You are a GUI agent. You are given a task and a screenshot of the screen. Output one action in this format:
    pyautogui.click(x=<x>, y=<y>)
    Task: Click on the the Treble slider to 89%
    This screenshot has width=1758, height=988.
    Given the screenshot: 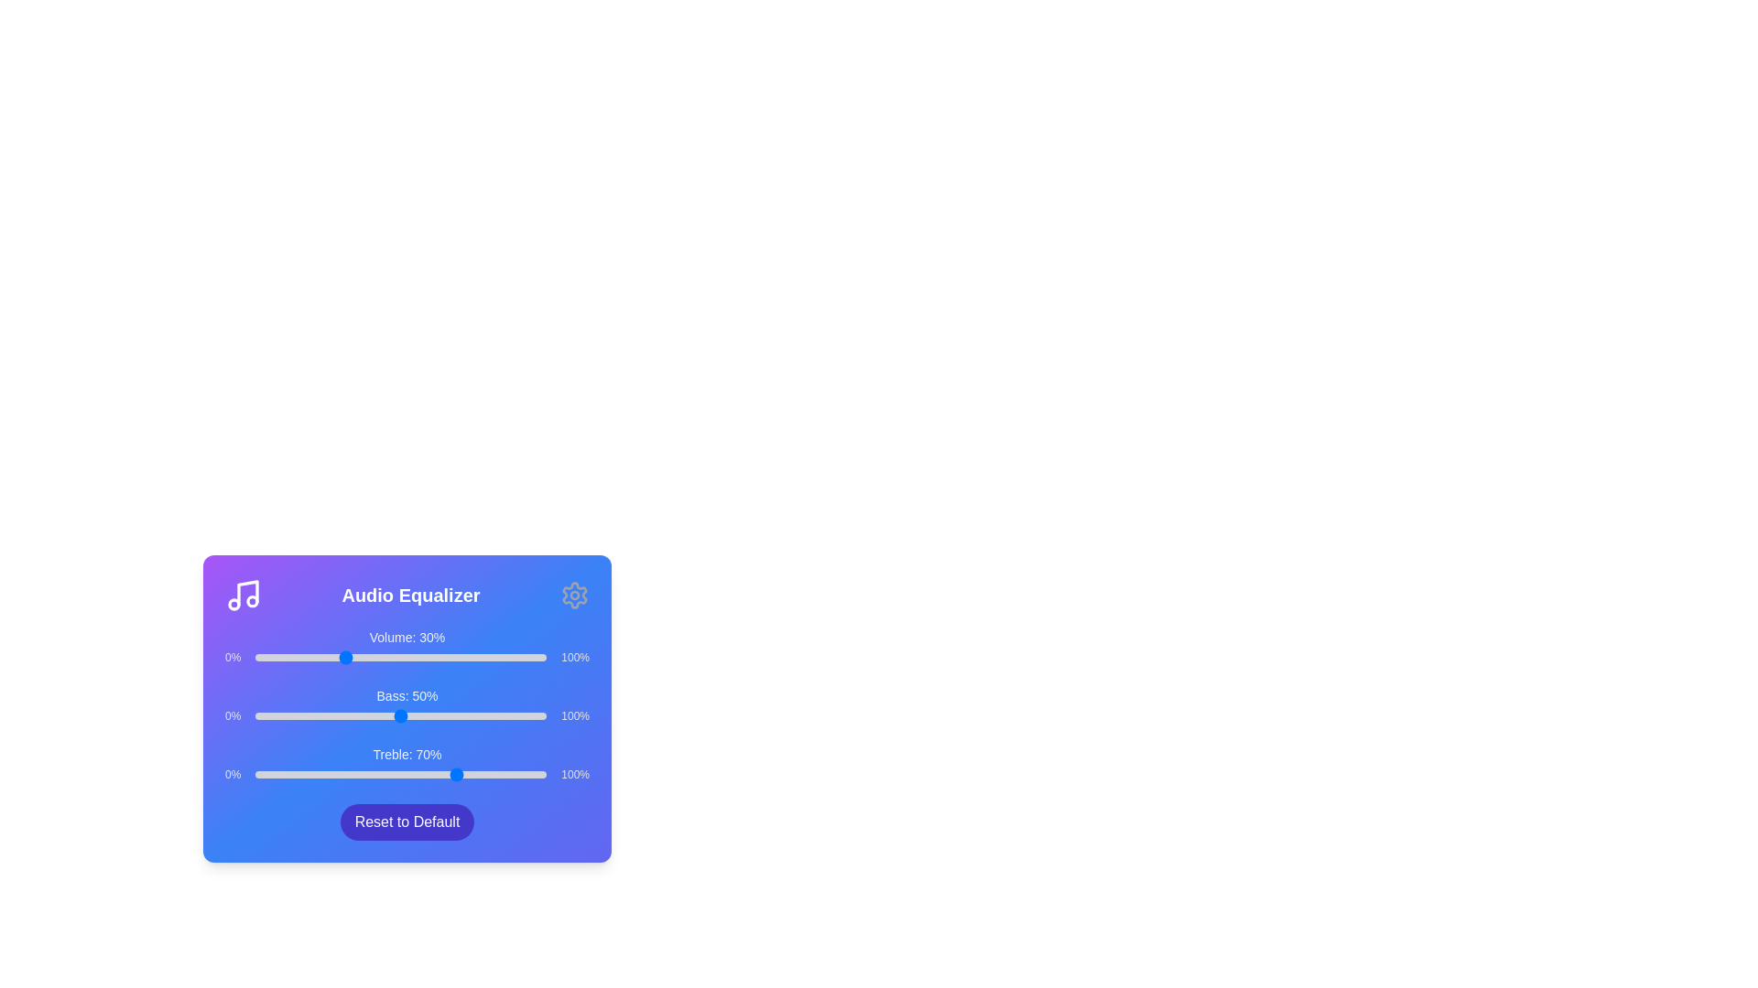 What is the action you would take?
    pyautogui.click(x=514, y=775)
    